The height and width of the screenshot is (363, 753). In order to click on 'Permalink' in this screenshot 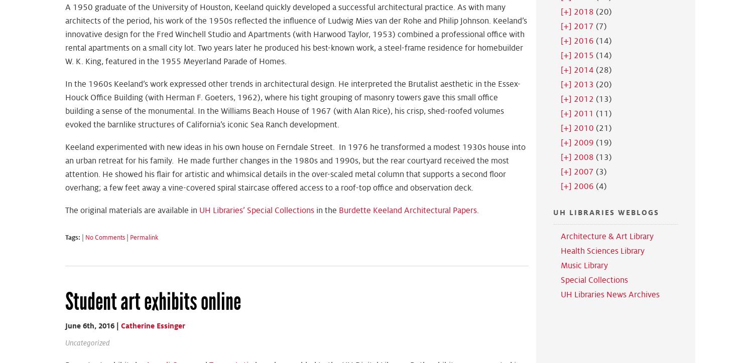, I will do `click(130, 237)`.